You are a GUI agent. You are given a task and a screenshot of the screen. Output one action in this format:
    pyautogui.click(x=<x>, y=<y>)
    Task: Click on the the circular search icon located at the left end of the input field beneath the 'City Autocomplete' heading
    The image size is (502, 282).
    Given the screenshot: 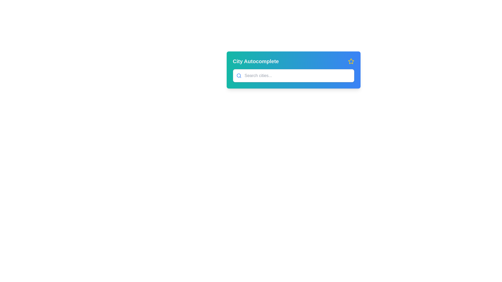 What is the action you would take?
    pyautogui.click(x=238, y=75)
    